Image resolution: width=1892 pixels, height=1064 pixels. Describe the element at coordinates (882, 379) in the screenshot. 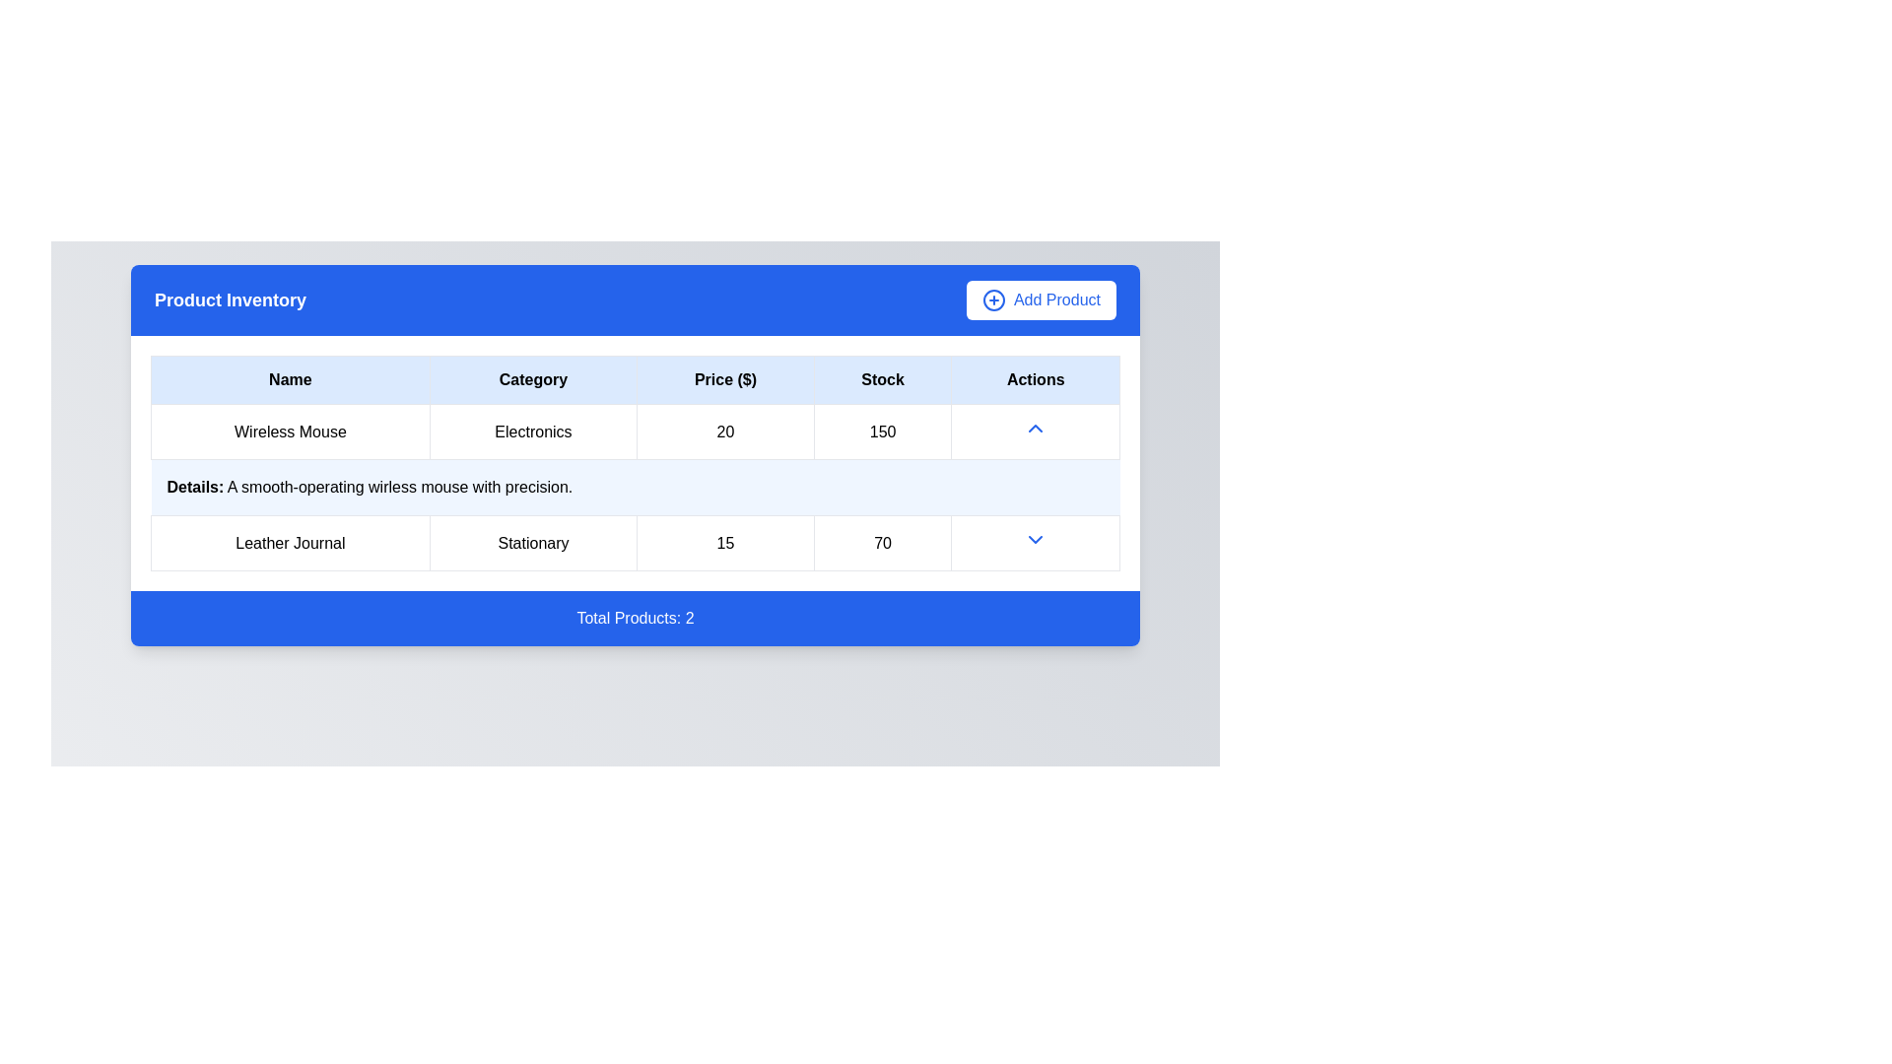

I see `the 'Stock' header label located in the fourth column of the table, positioned between 'Price ($)' and 'Actions'` at that location.